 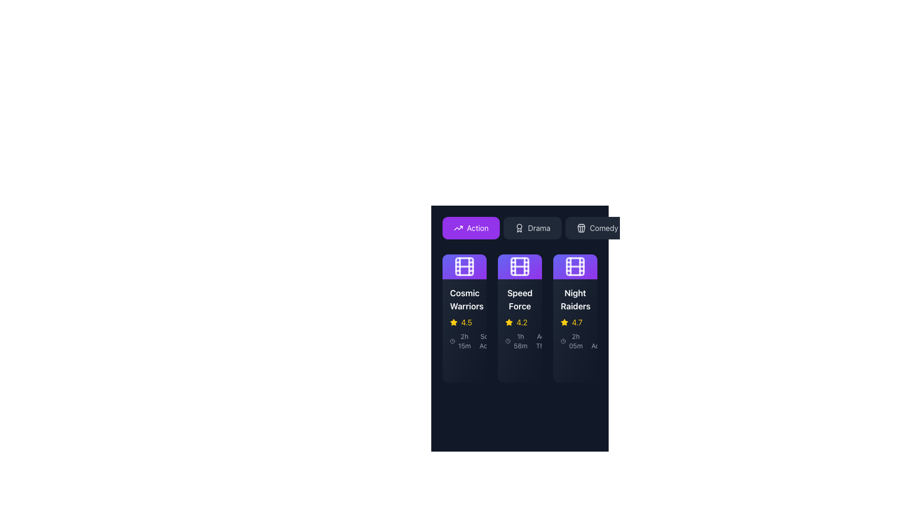 I want to click on the 'Play' button located beneath the 'Speed Force' movie information, so click(x=519, y=365).